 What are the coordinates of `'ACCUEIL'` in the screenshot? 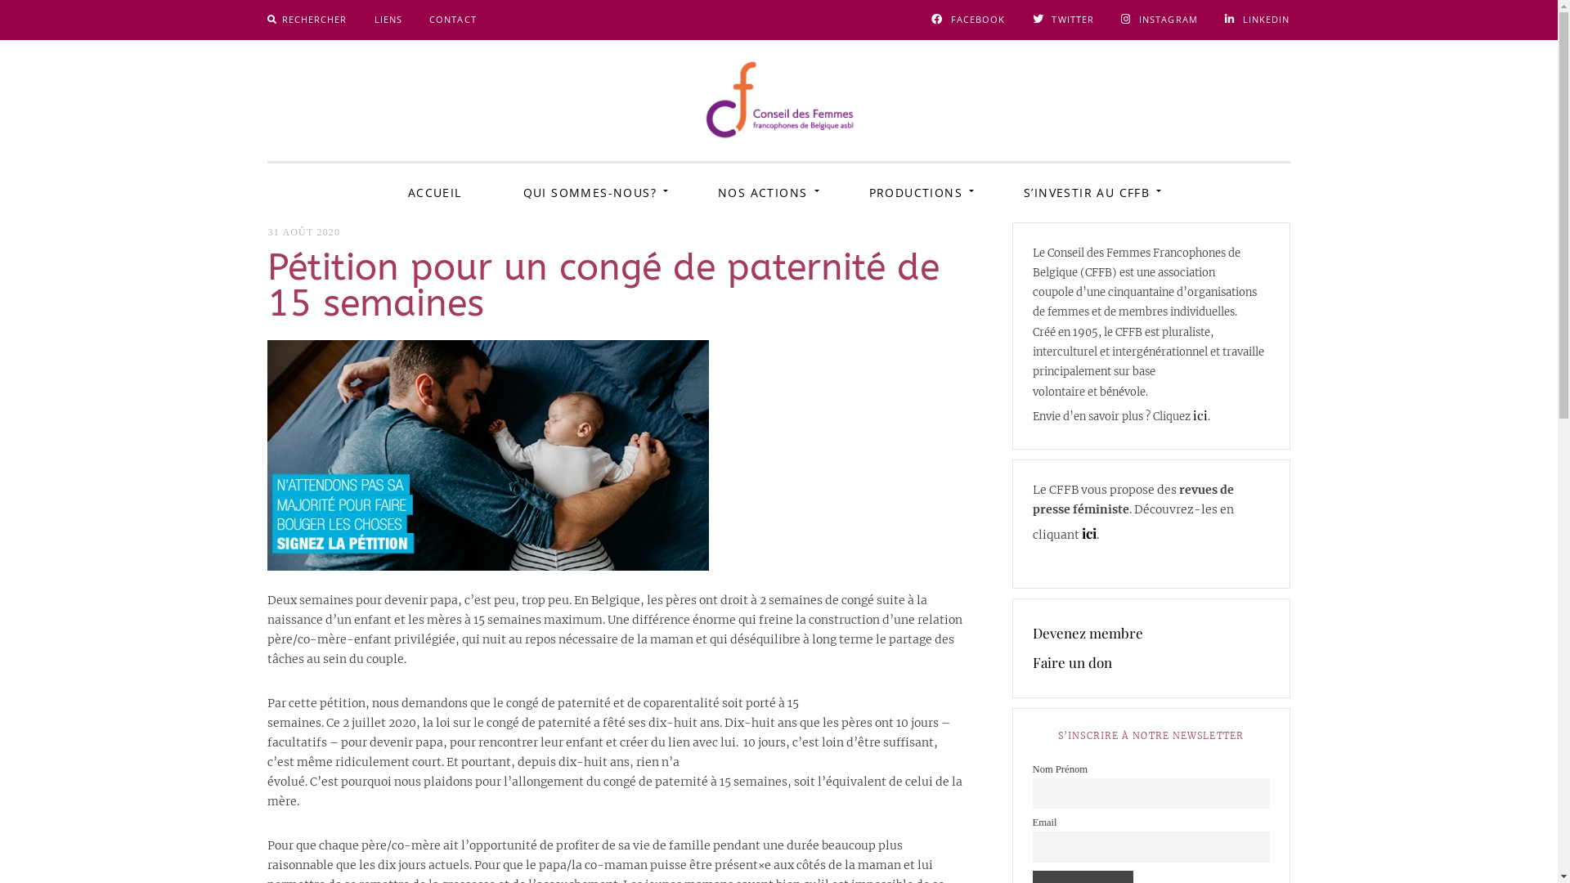 It's located at (435, 191).